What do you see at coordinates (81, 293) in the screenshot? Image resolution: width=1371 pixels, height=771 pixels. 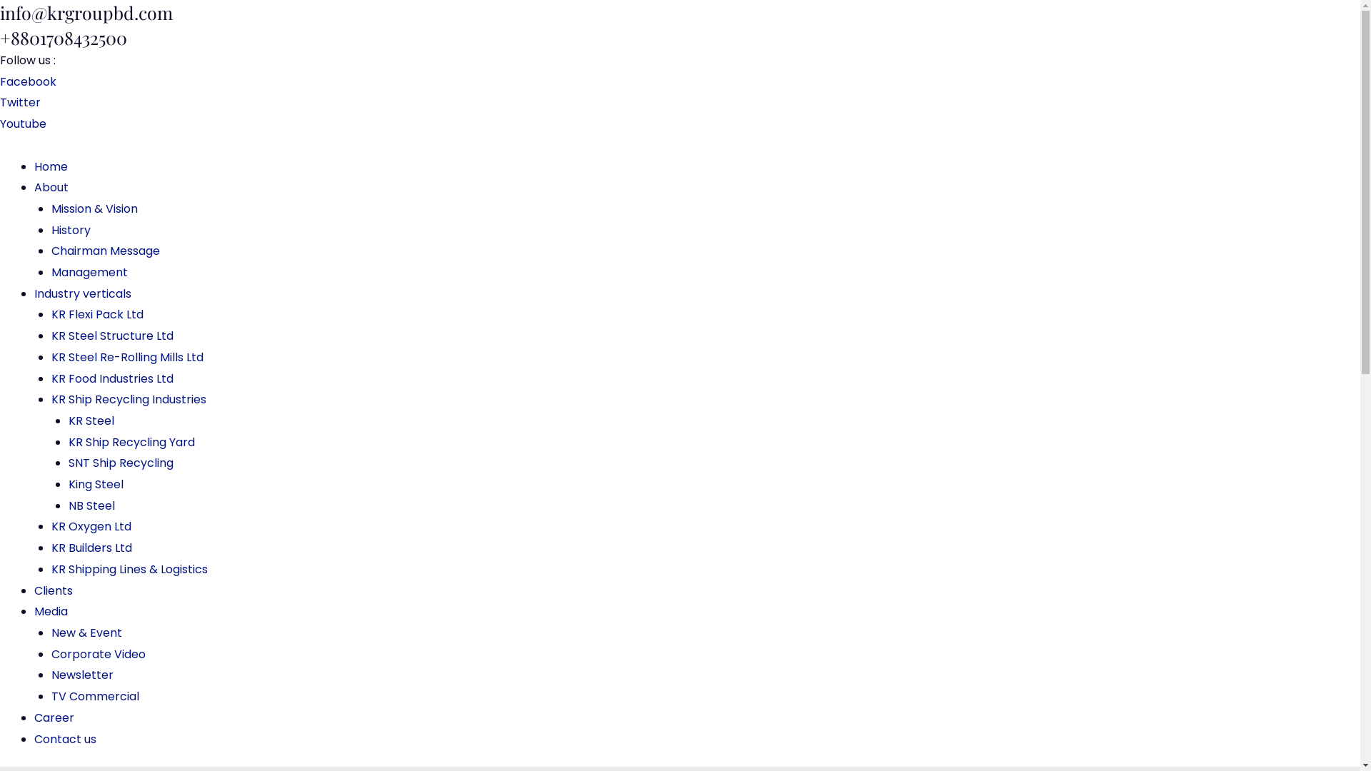 I see `'Industry verticals'` at bounding box center [81, 293].